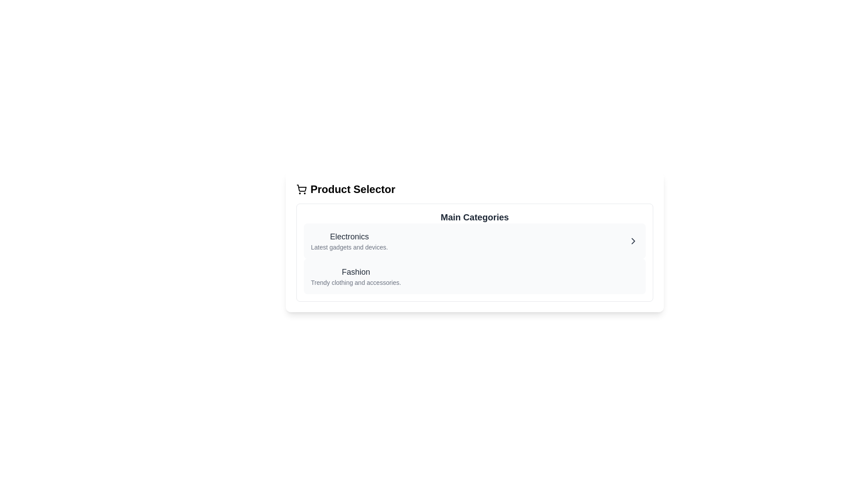 The image size is (848, 477). I want to click on the icon located at the rightmost side of the 'Electronics' category card, so click(633, 241).